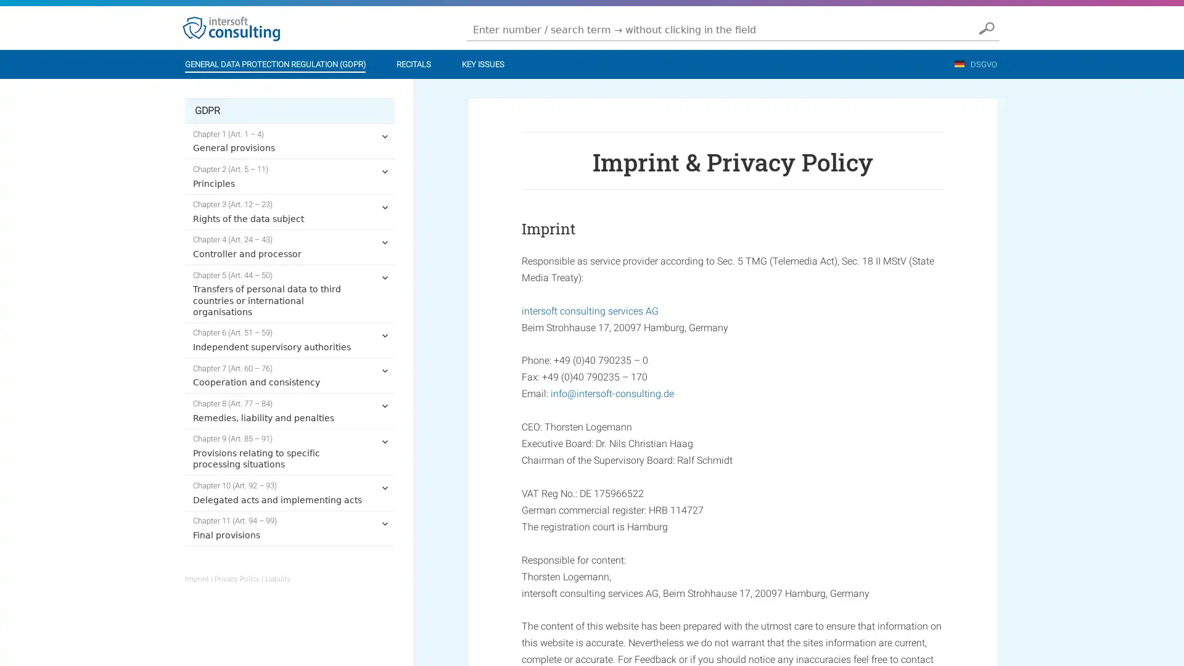 Image resolution: width=1184 pixels, height=666 pixels. What do you see at coordinates (384, 395) in the screenshot?
I see `expand child menu` at bounding box center [384, 395].